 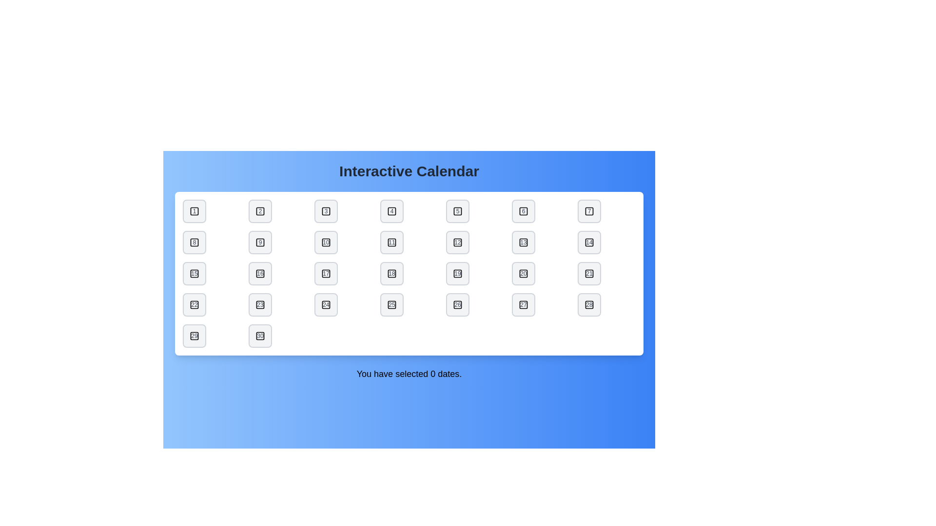 I want to click on the date button labeled 13 to toggle its selection state, so click(x=523, y=242).